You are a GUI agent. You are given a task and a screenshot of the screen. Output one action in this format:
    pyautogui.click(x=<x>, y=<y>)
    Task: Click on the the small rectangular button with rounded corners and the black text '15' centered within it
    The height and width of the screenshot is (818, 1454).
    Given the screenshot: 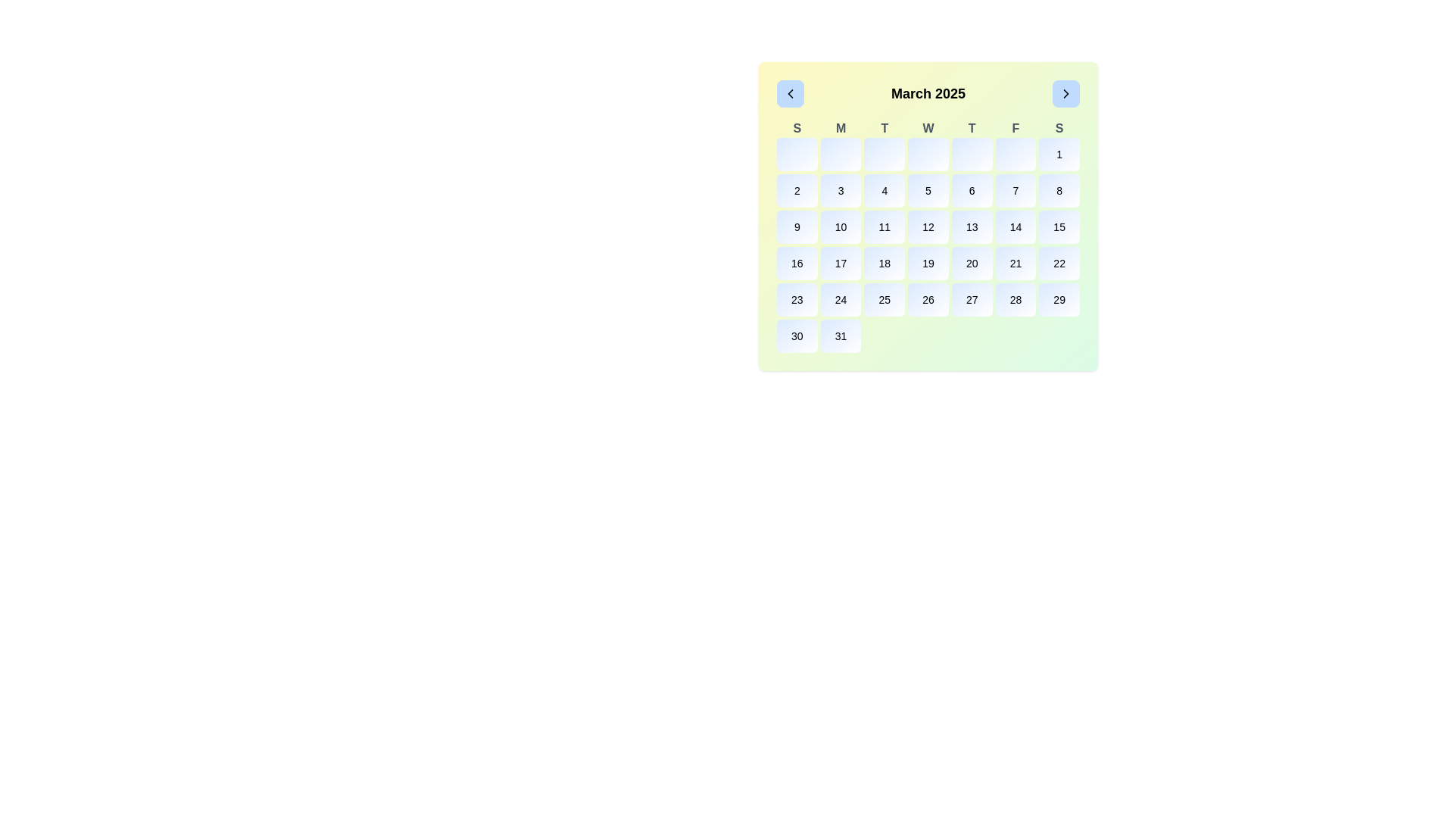 What is the action you would take?
    pyautogui.click(x=1058, y=227)
    